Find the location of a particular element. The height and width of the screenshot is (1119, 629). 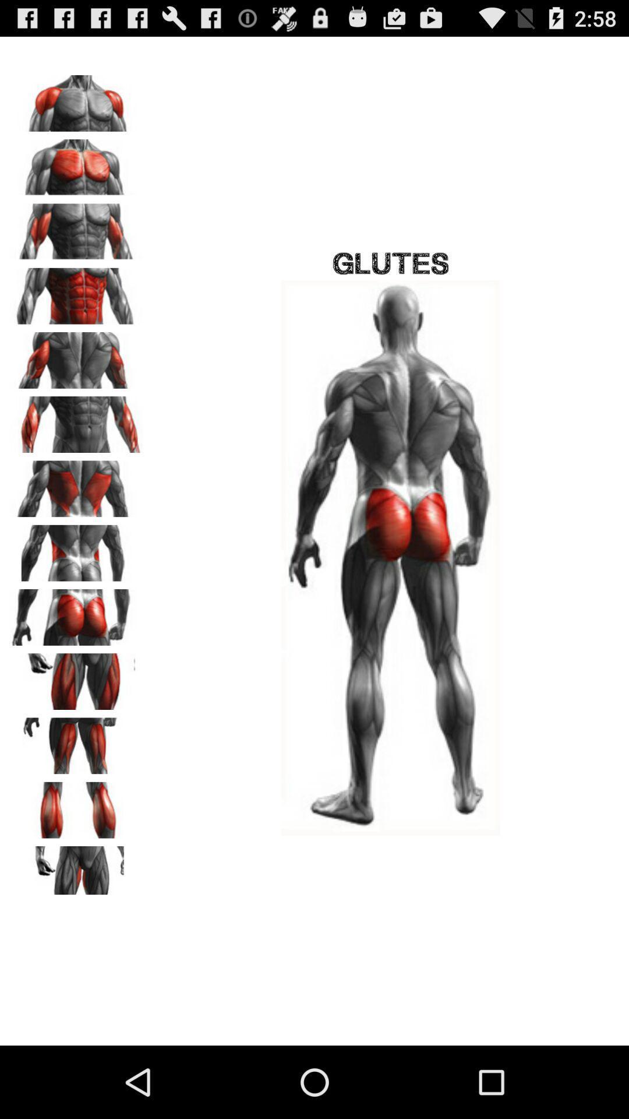

thighs is located at coordinates (76, 677).